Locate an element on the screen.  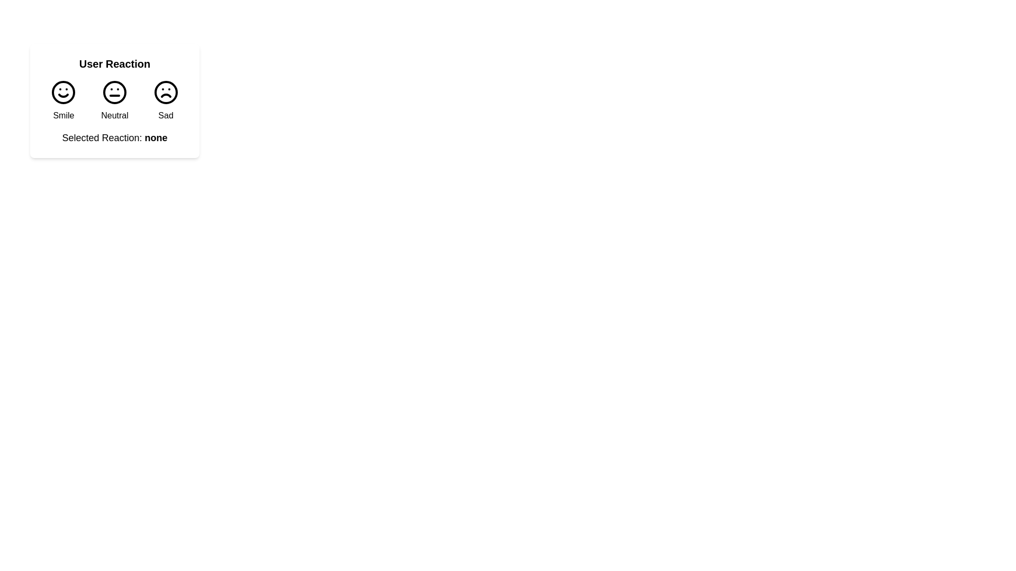
the smile arc element of the first reaction emoji, which is located at the bottom of the circular face icon is located at coordinates (63, 96).